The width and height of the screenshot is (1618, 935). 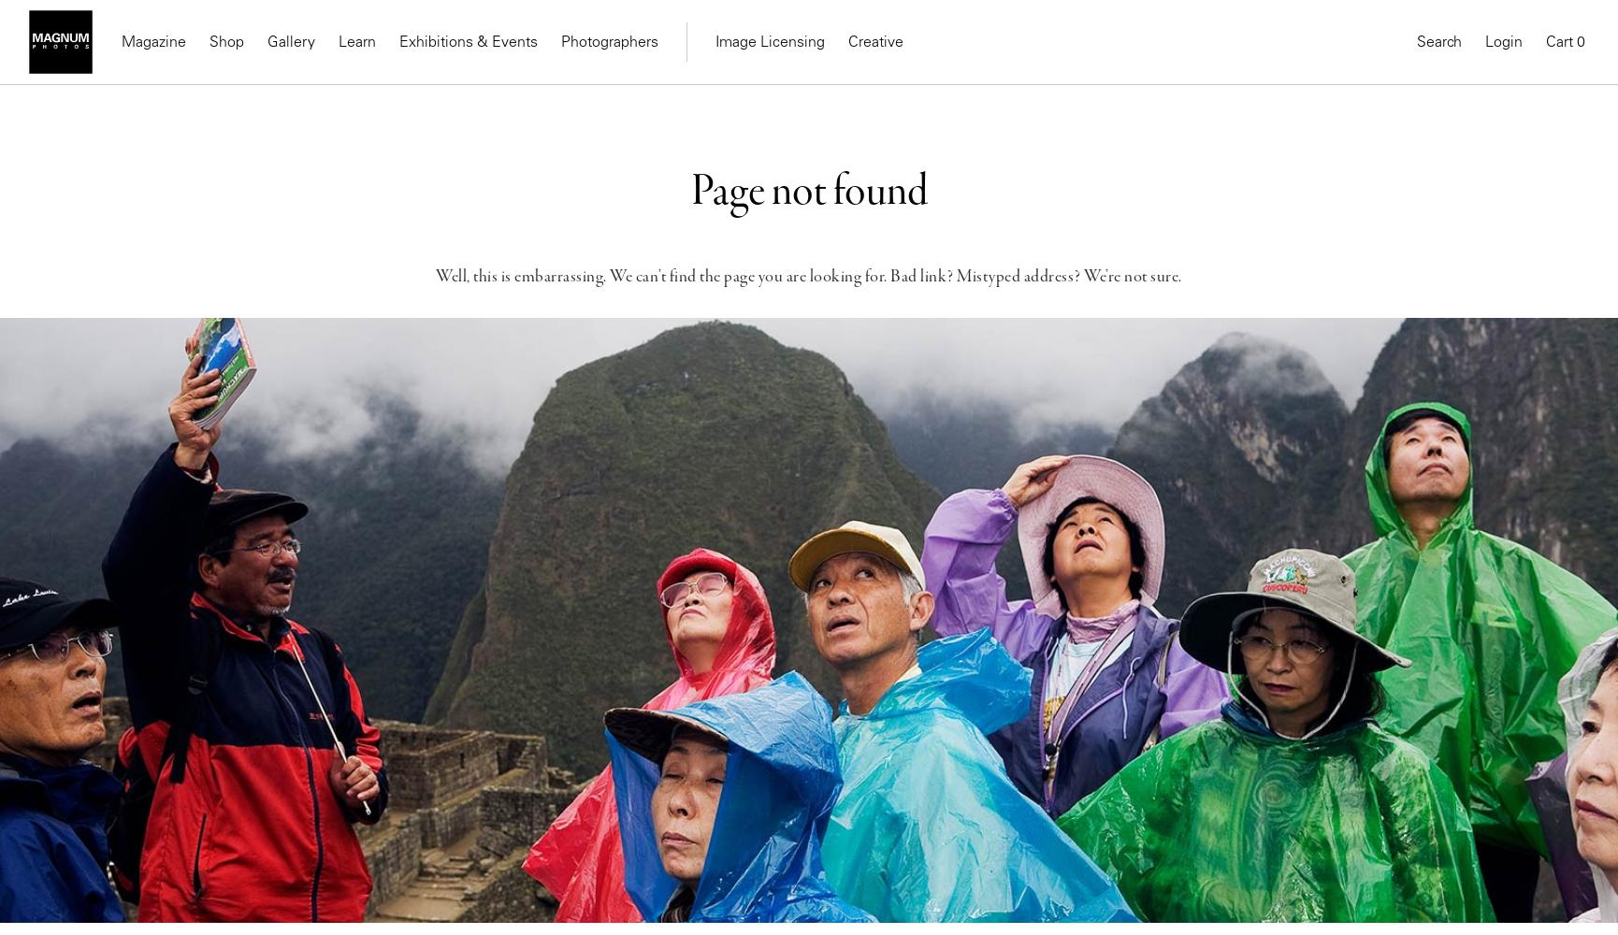 What do you see at coordinates (769, 43) in the screenshot?
I see `'Image Licensing'` at bounding box center [769, 43].